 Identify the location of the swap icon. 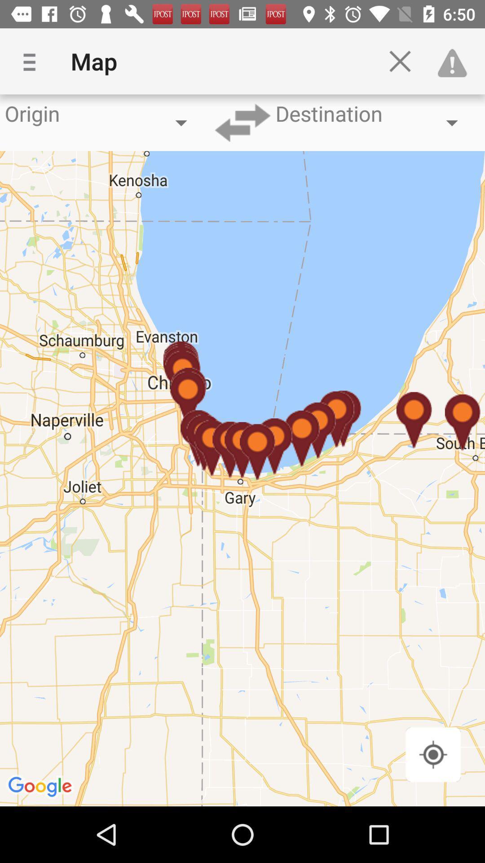
(242, 122).